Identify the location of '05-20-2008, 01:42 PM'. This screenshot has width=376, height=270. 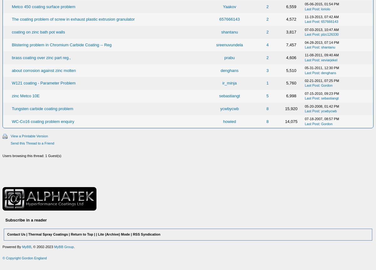
(321, 105).